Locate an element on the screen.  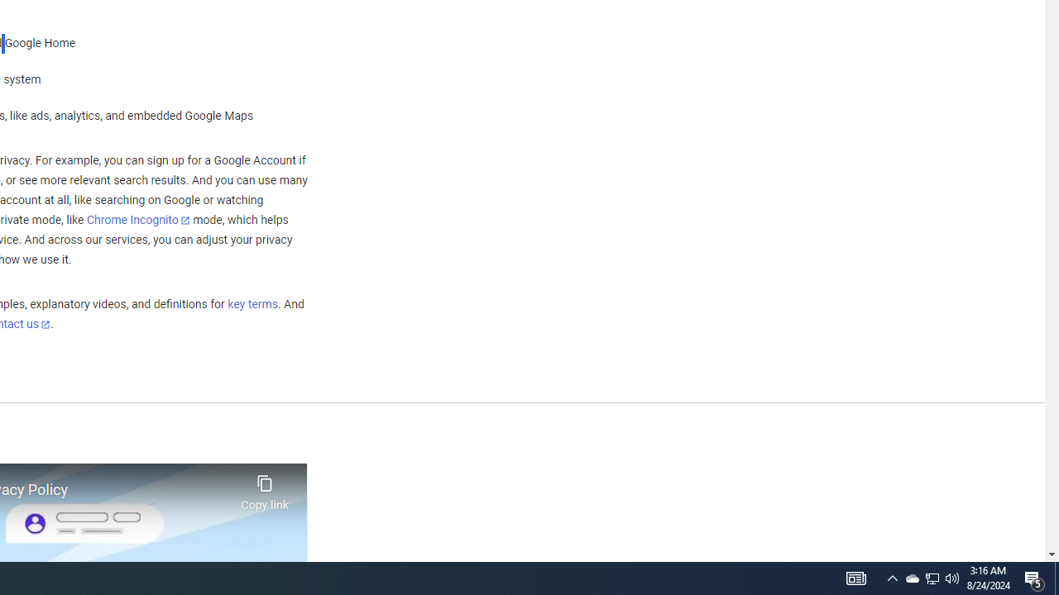
'key terms' is located at coordinates (252, 304).